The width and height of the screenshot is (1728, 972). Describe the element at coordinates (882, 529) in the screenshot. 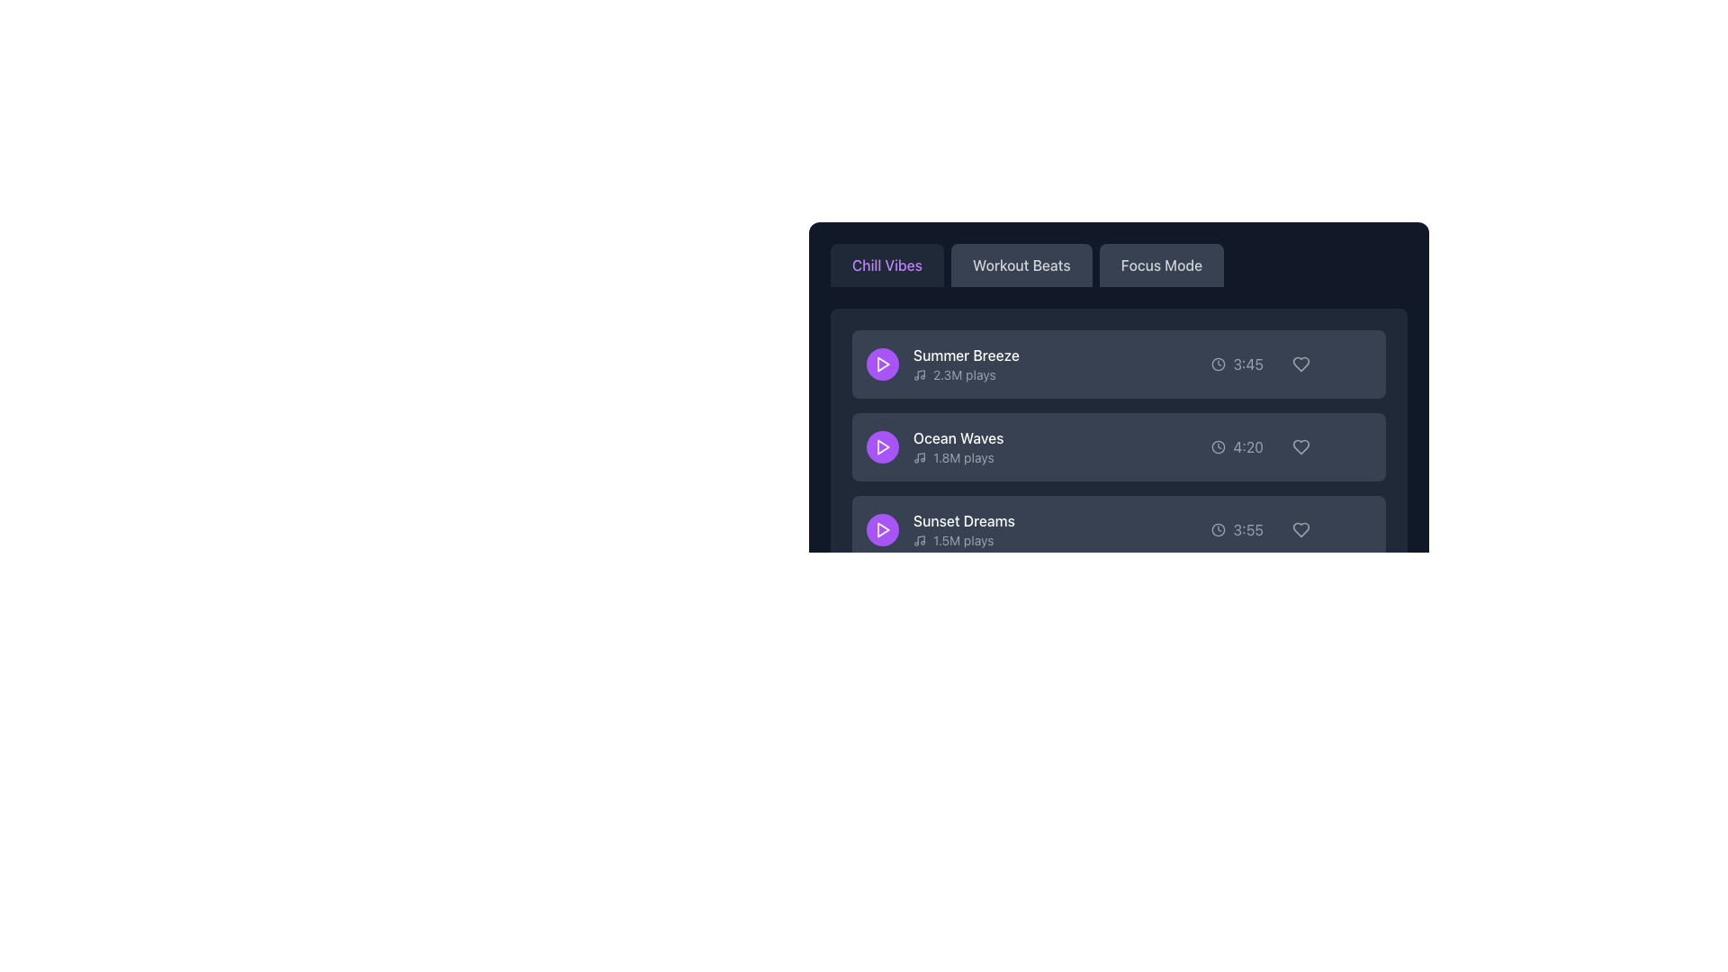

I see `the circular purple button with a white play icon` at that location.